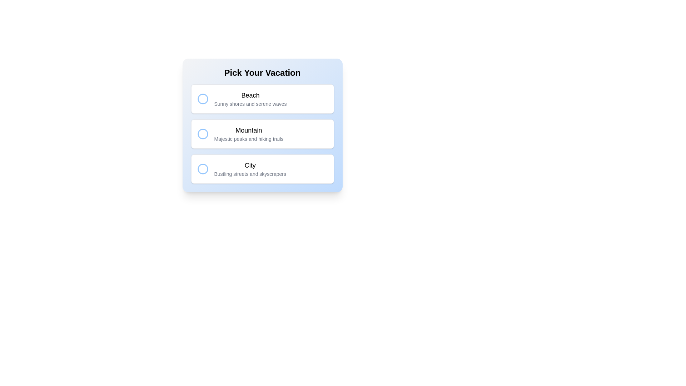  What do you see at coordinates (202, 134) in the screenshot?
I see `the radio button with a blue border and white inner area` at bounding box center [202, 134].